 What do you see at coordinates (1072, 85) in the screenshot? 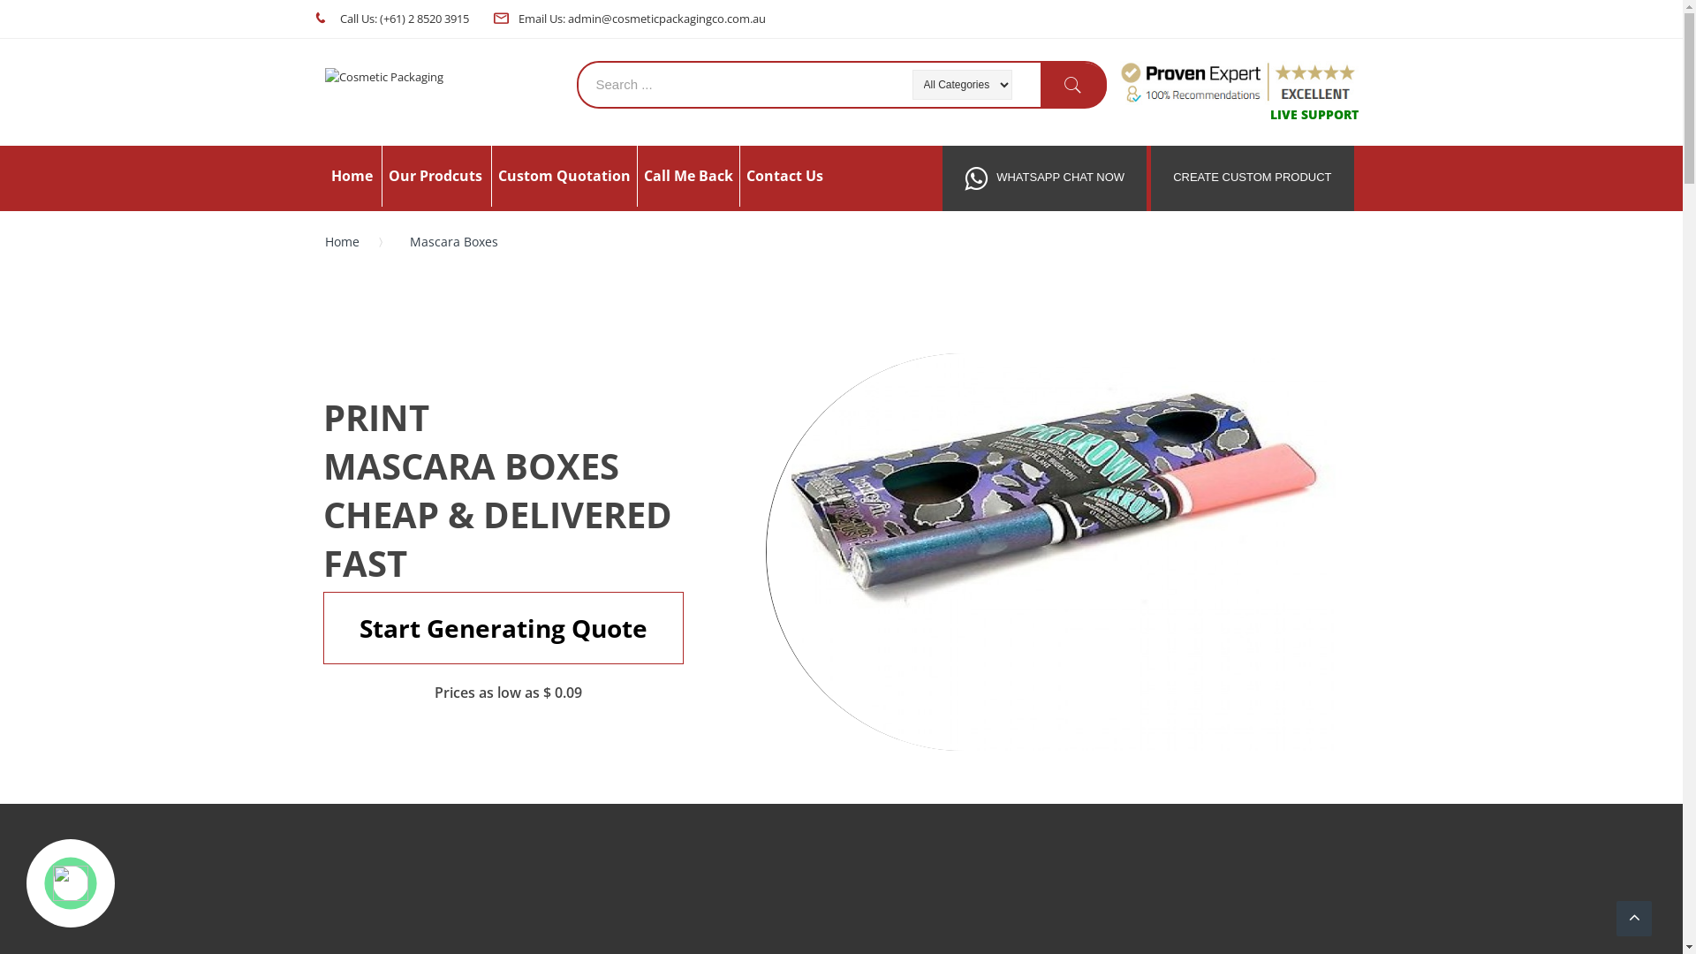
I see `'Search'` at bounding box center [1072, 85].